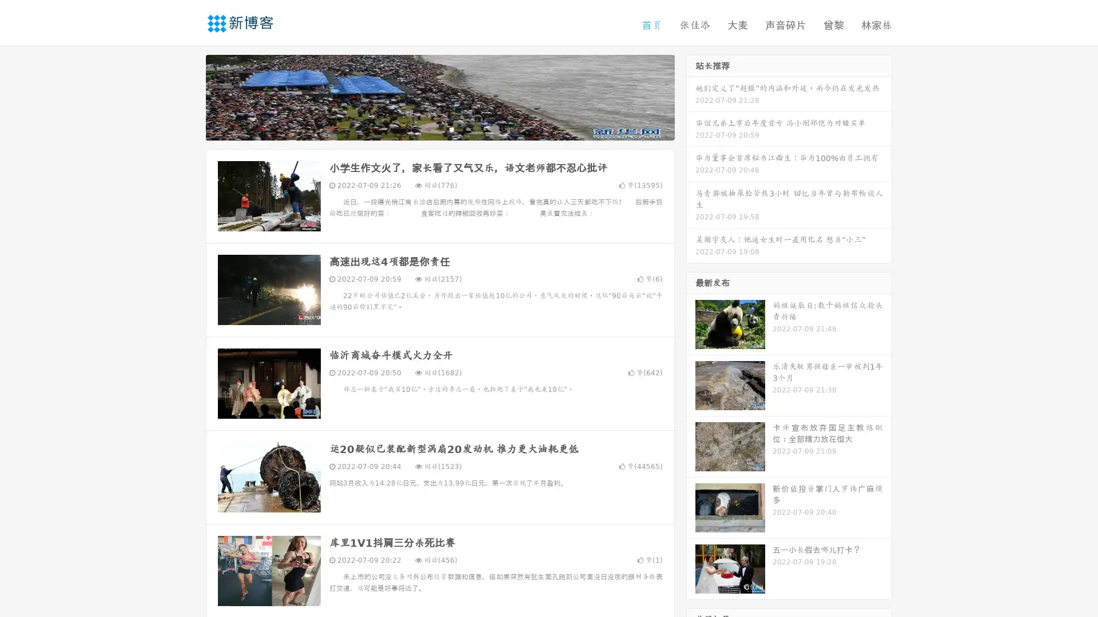 The image size is (1098, 617). What do you see at coordinates (428, 129) in the screenshot?
I see `Go to slide 1` at bounding box center [428, 129].